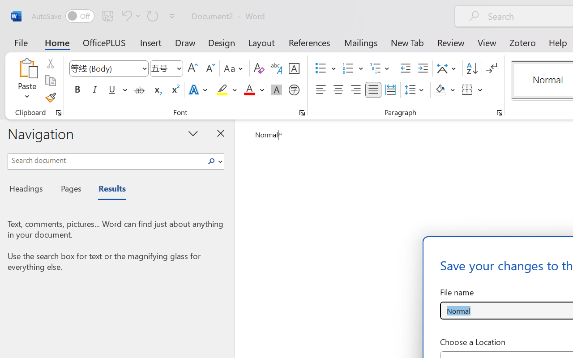 This screenshot has width=573, height=358. What do you see at coordinates (407, 42) in the screenshot?
I see `'New Tab'` at bounding box center [407, 42].